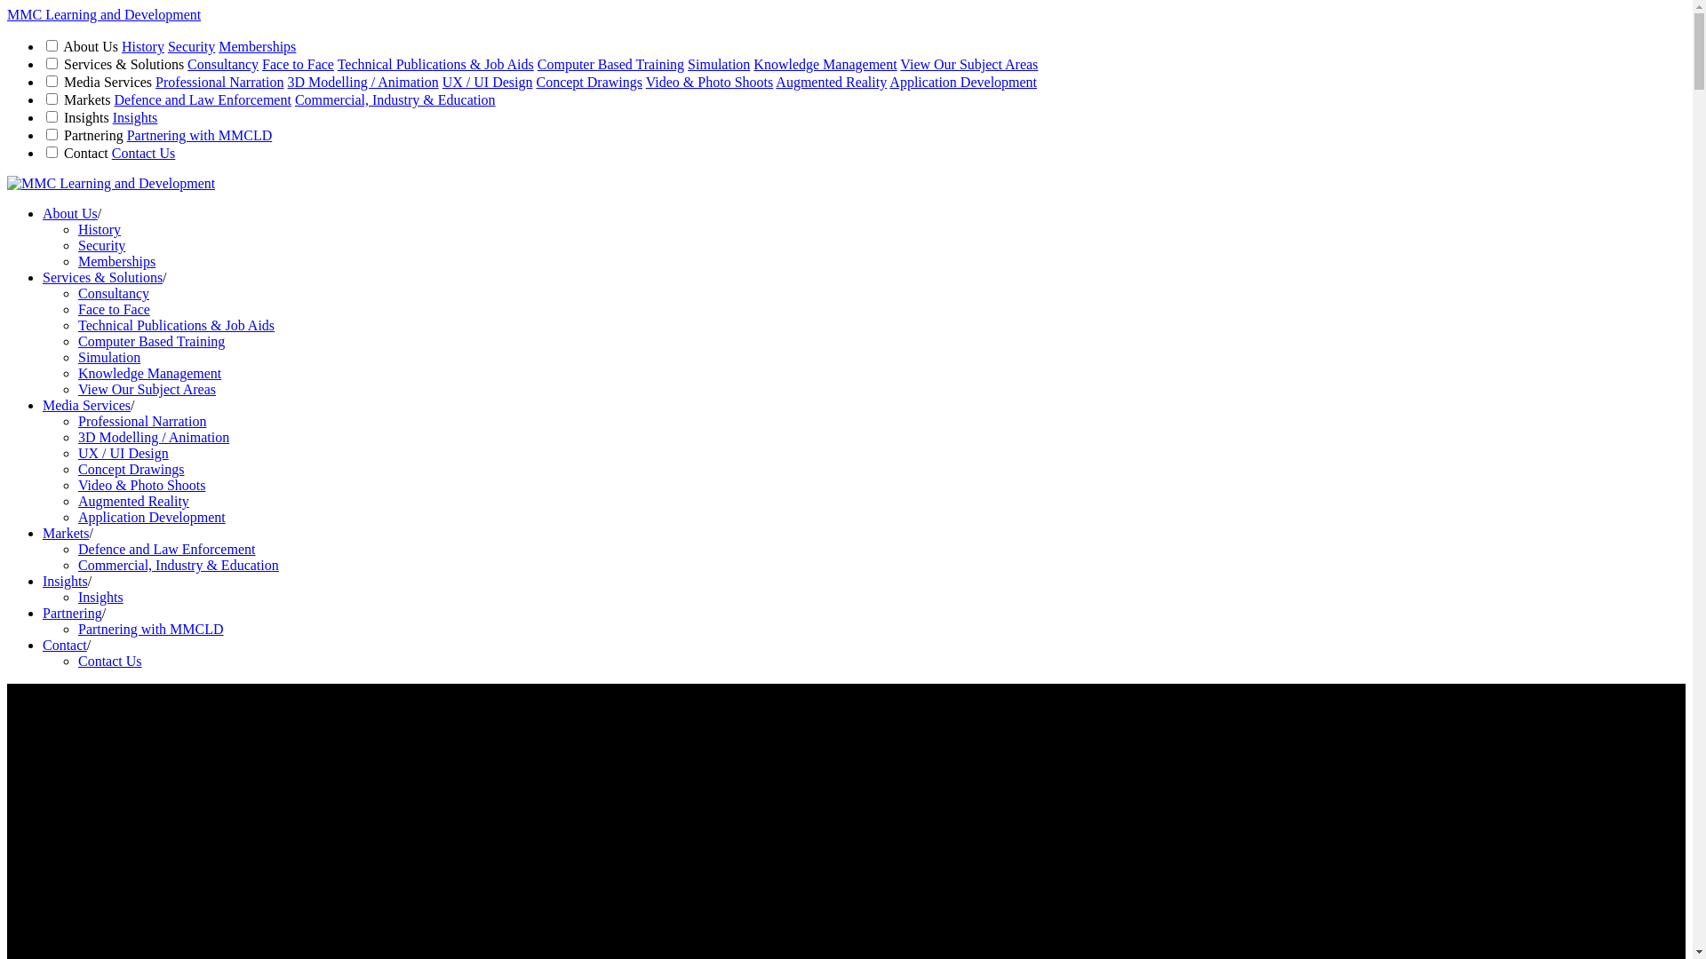  Describe the element at coordinates (153, 437) in the screenshot. I see `'3D Modelling / Animation'` at that location.